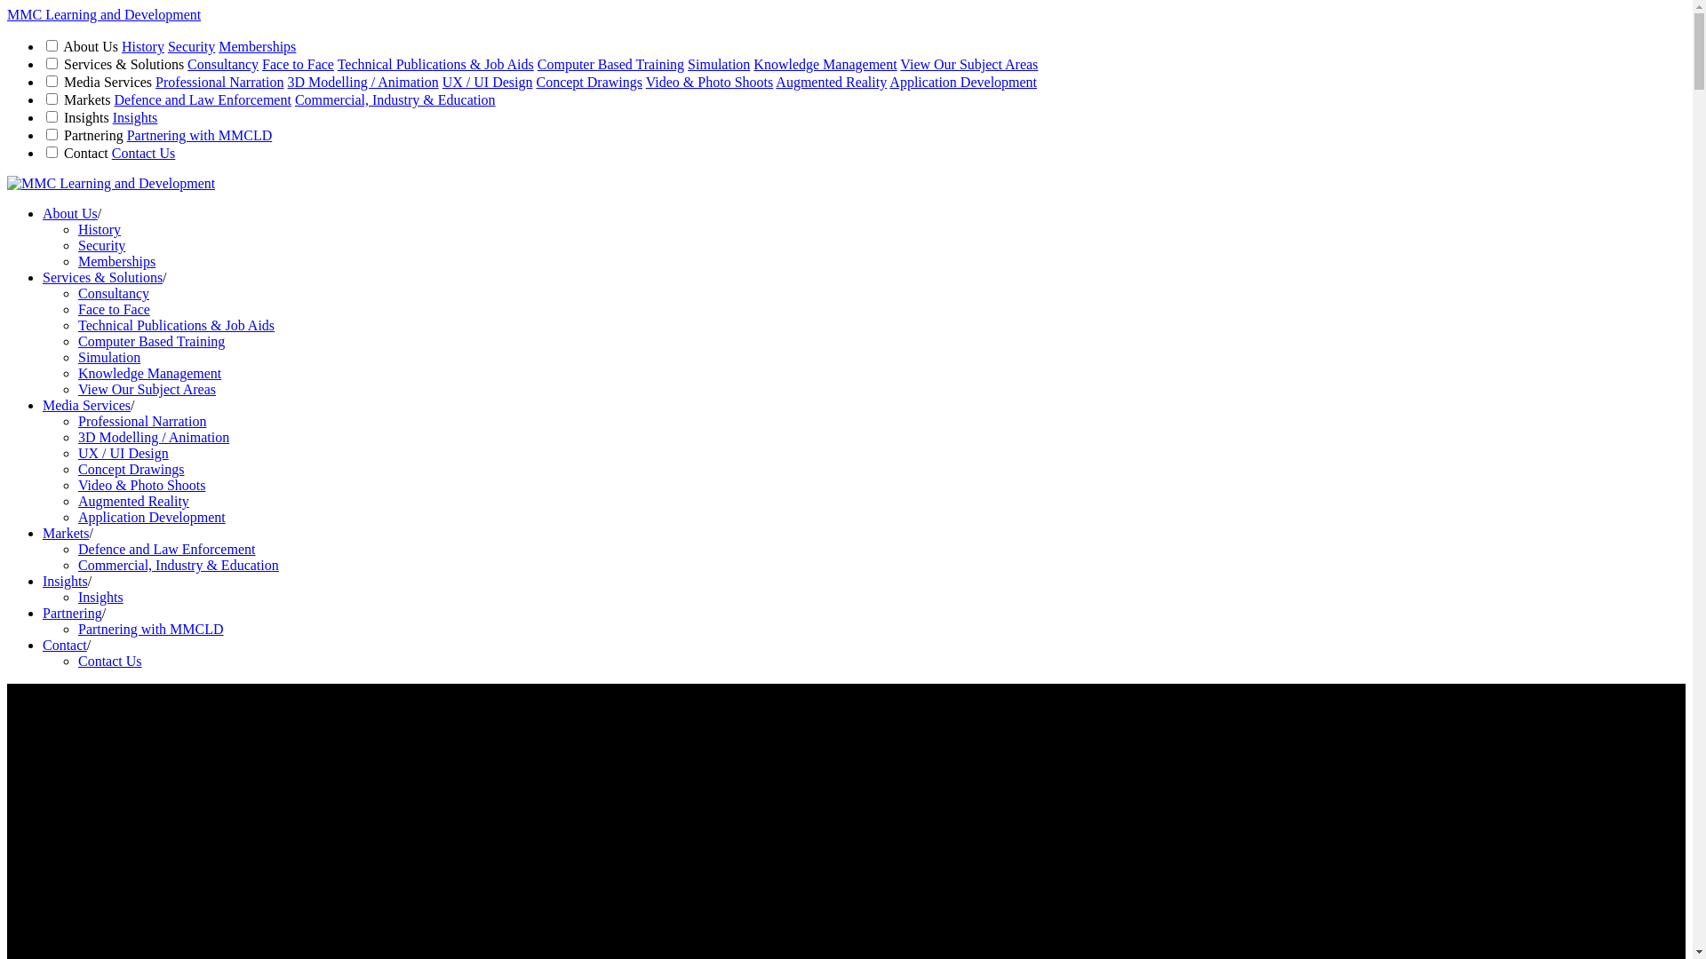  Describe the element at coordinates (153, 437) in the screenshot. I see `'3D Modelling / Animation'` at that location.